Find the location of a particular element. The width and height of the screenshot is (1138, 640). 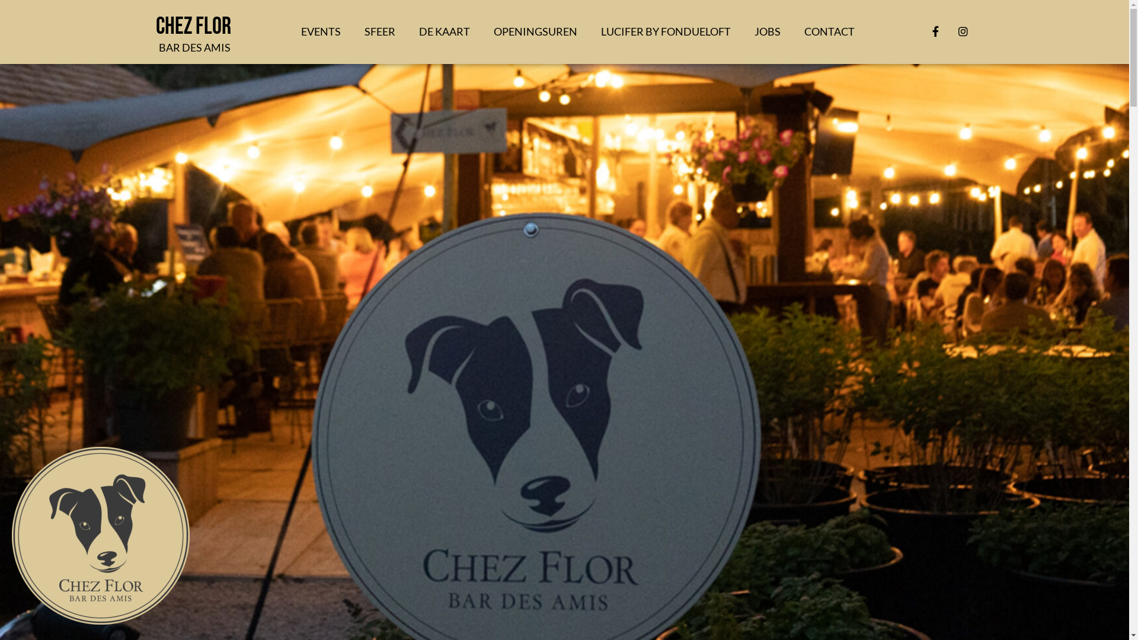

'SFEER' is located at coordinates (363, 31).